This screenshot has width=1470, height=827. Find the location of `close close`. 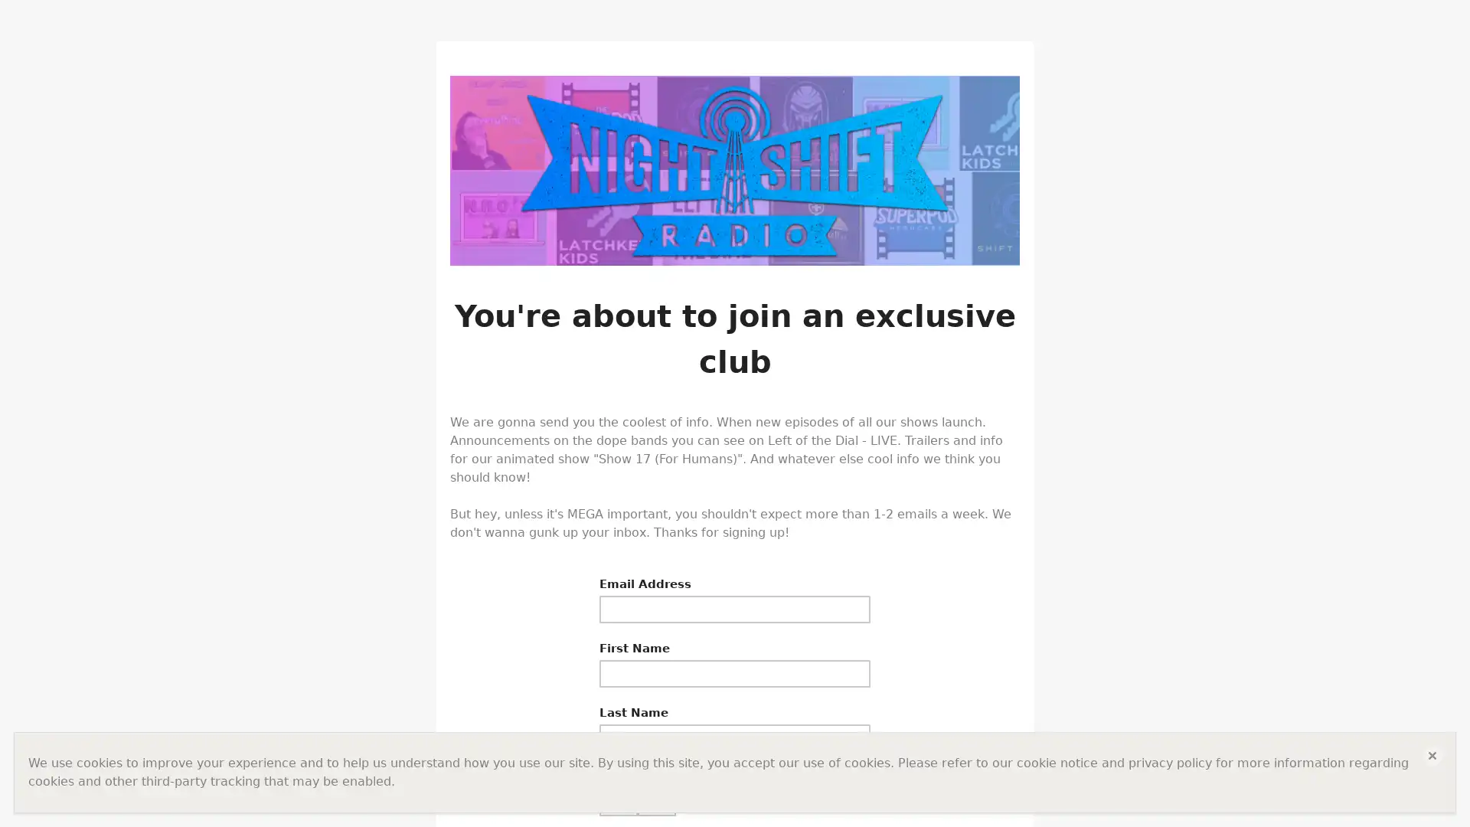

close close is located at coordinates (1432, 755).